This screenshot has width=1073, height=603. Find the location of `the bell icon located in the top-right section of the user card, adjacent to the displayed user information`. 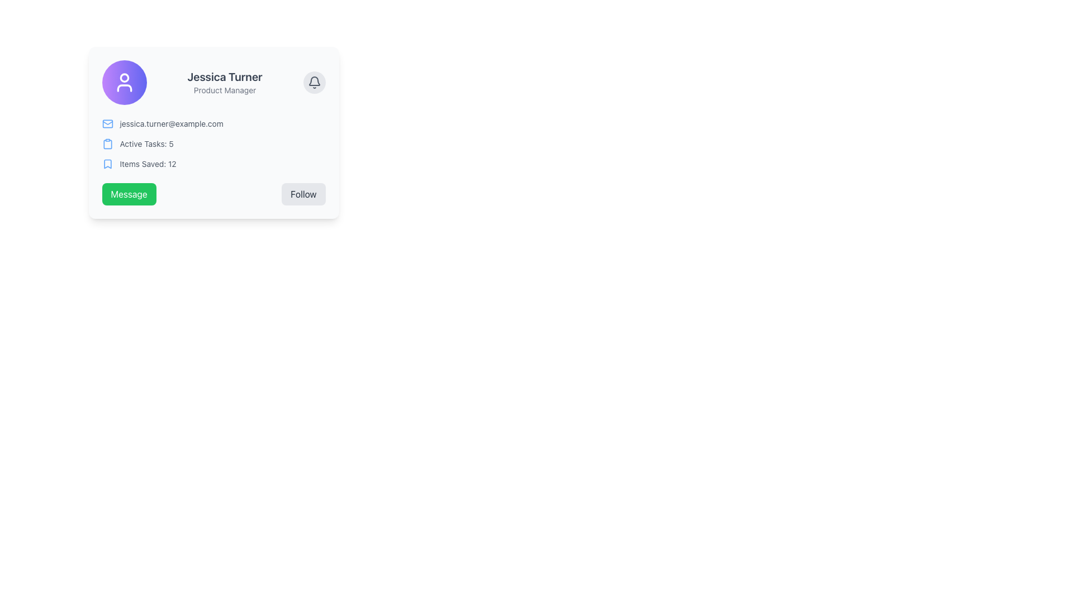

the bell icon located in the top-right section of the user card, adjacent to the displayed user information is located at coordinates (314, 80).